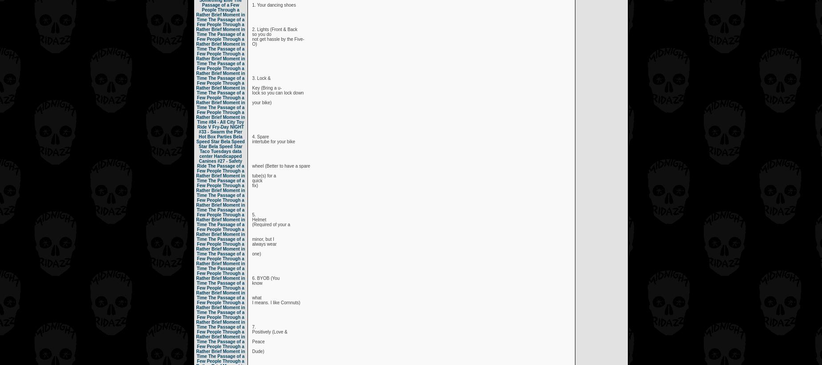  I want to click on 'lock so you can lock down', so click(252, 93).